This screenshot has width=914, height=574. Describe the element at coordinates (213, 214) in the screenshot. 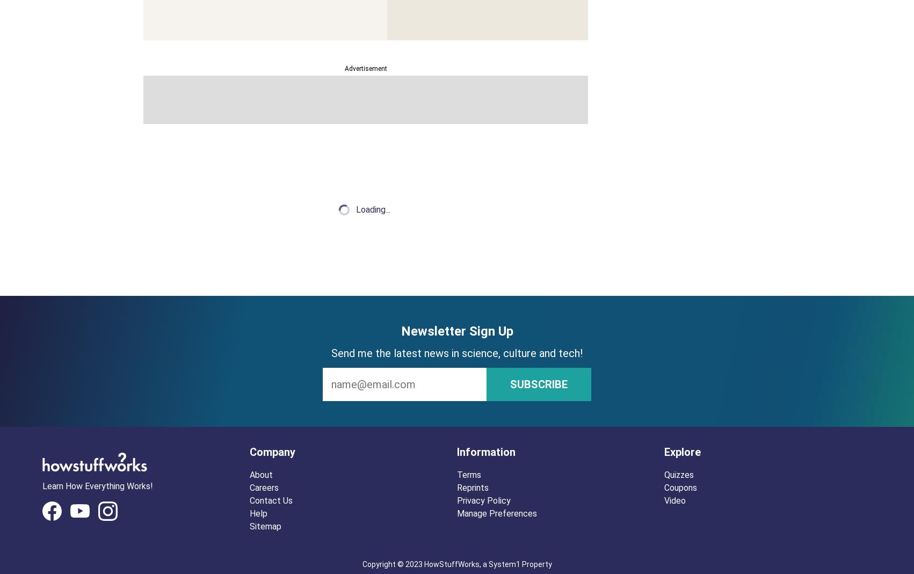

I see `'|'` at that location.